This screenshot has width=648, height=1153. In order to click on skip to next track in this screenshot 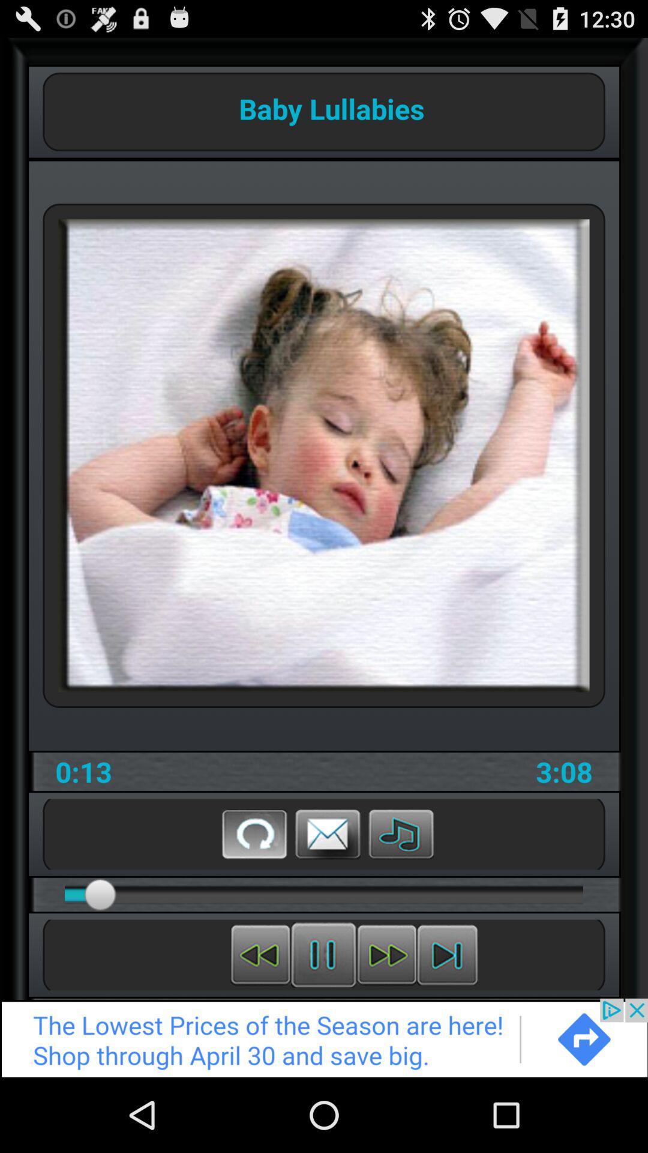, I will do `click(447, 954)`.